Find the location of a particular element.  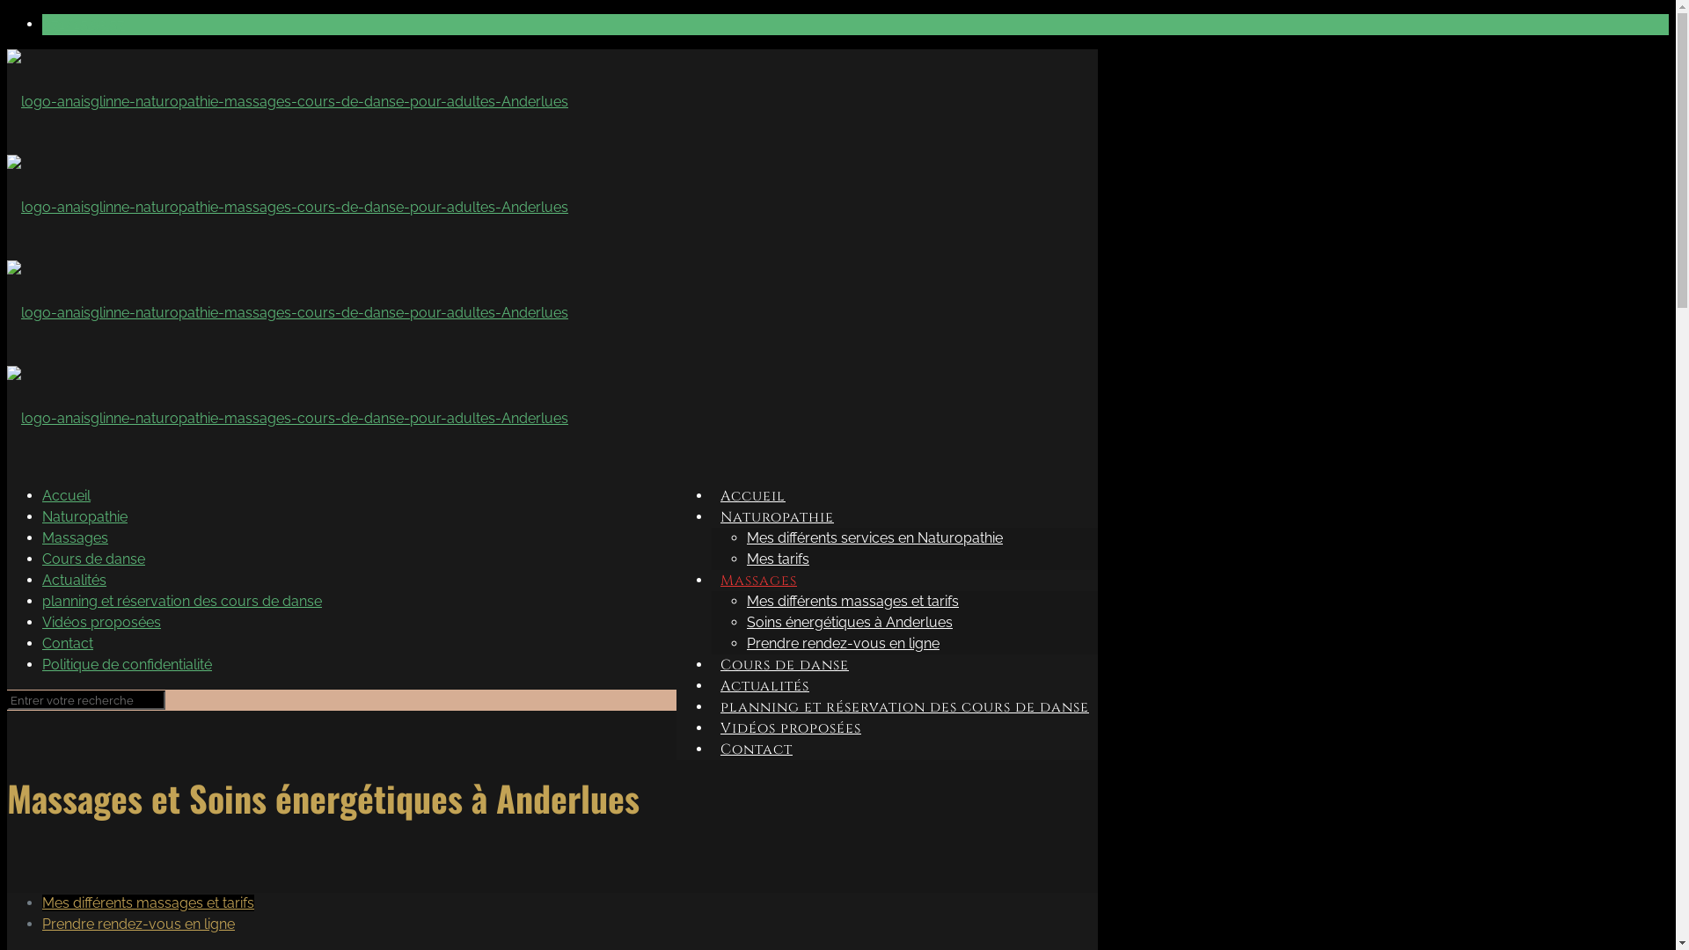

'Naturopathie' is located at coordinates (84, 515).